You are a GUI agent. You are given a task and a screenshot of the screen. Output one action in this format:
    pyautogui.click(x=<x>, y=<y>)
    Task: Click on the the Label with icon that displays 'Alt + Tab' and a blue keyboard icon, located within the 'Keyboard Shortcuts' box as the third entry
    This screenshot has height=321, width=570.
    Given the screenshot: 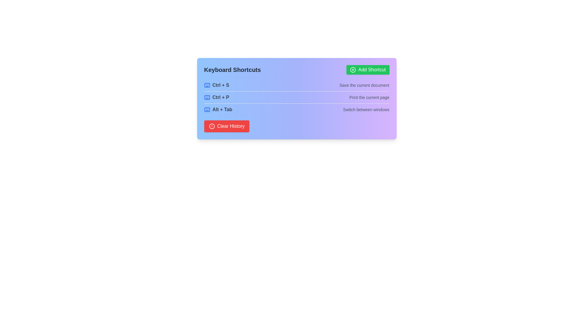 What is the action you would take?
    pyautogui.click(x=218, y=110)
    